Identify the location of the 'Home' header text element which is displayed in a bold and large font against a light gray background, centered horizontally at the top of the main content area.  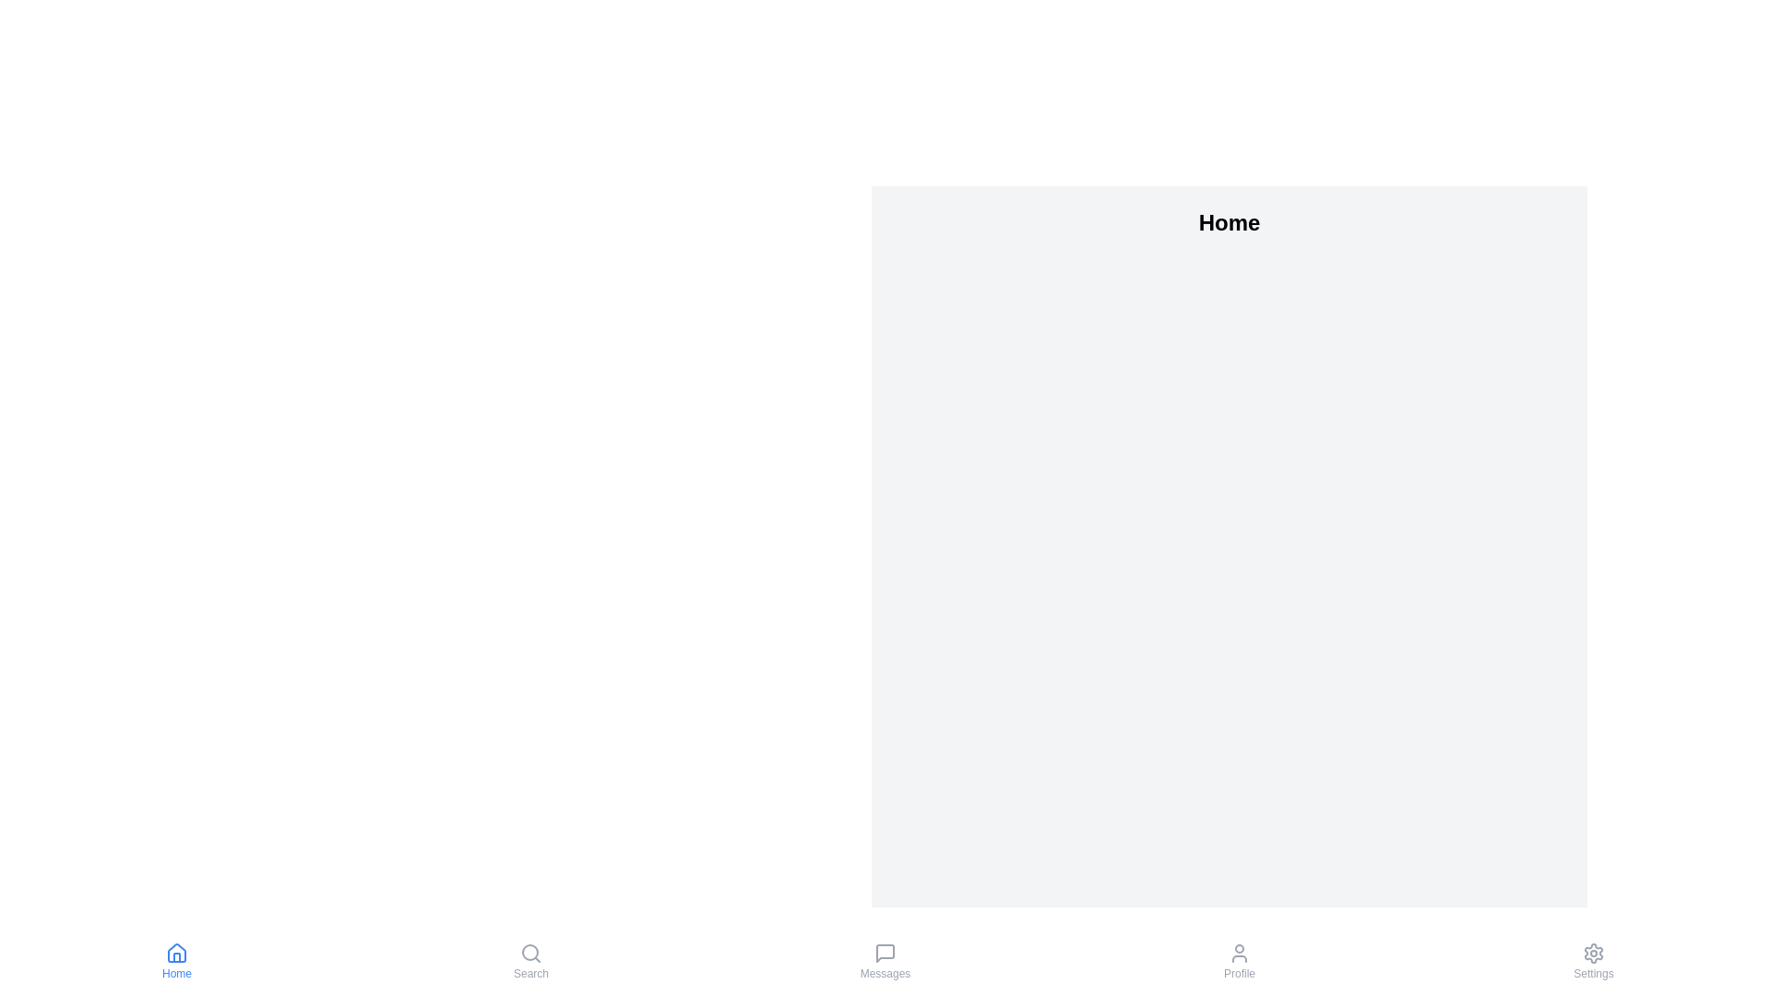
(1230, 222).